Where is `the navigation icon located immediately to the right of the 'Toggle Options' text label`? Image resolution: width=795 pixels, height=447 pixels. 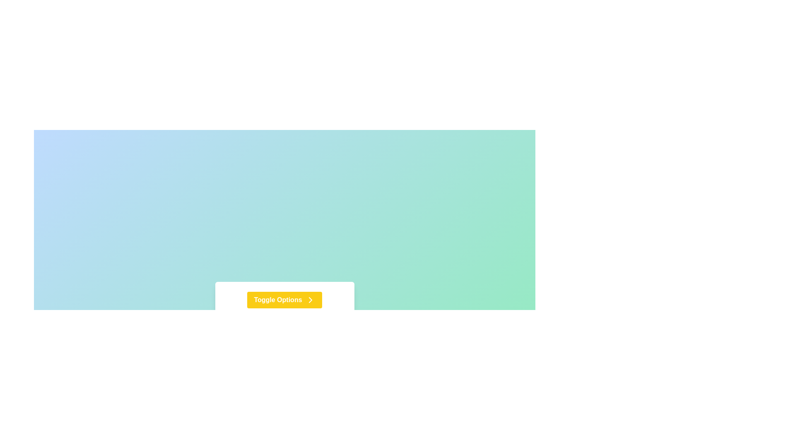 the navigation icon located immediately to the right of the 'Toggle Options' text label is located at coordinates (310, 300).